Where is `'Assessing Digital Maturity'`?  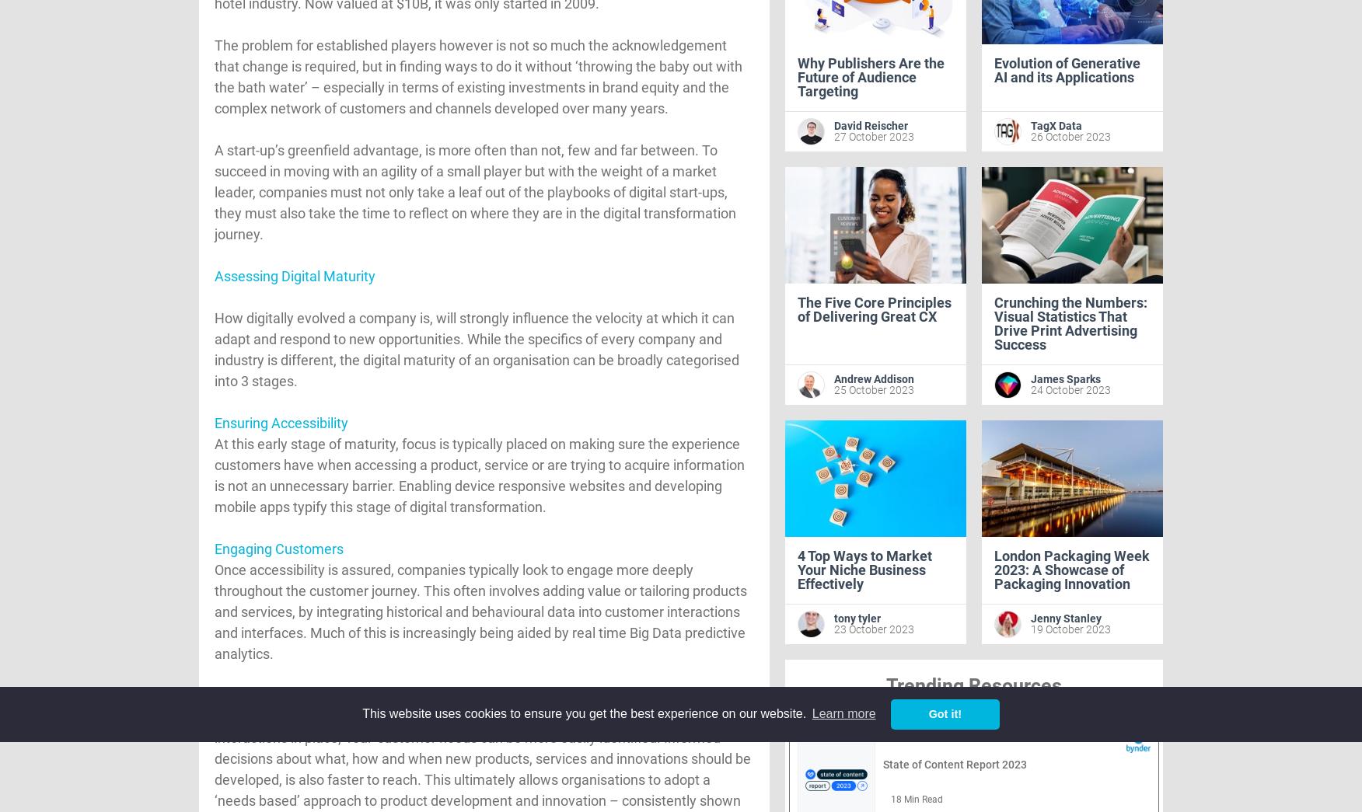 'Assessing Digital Maturity' is located at coordinates (294, 275).